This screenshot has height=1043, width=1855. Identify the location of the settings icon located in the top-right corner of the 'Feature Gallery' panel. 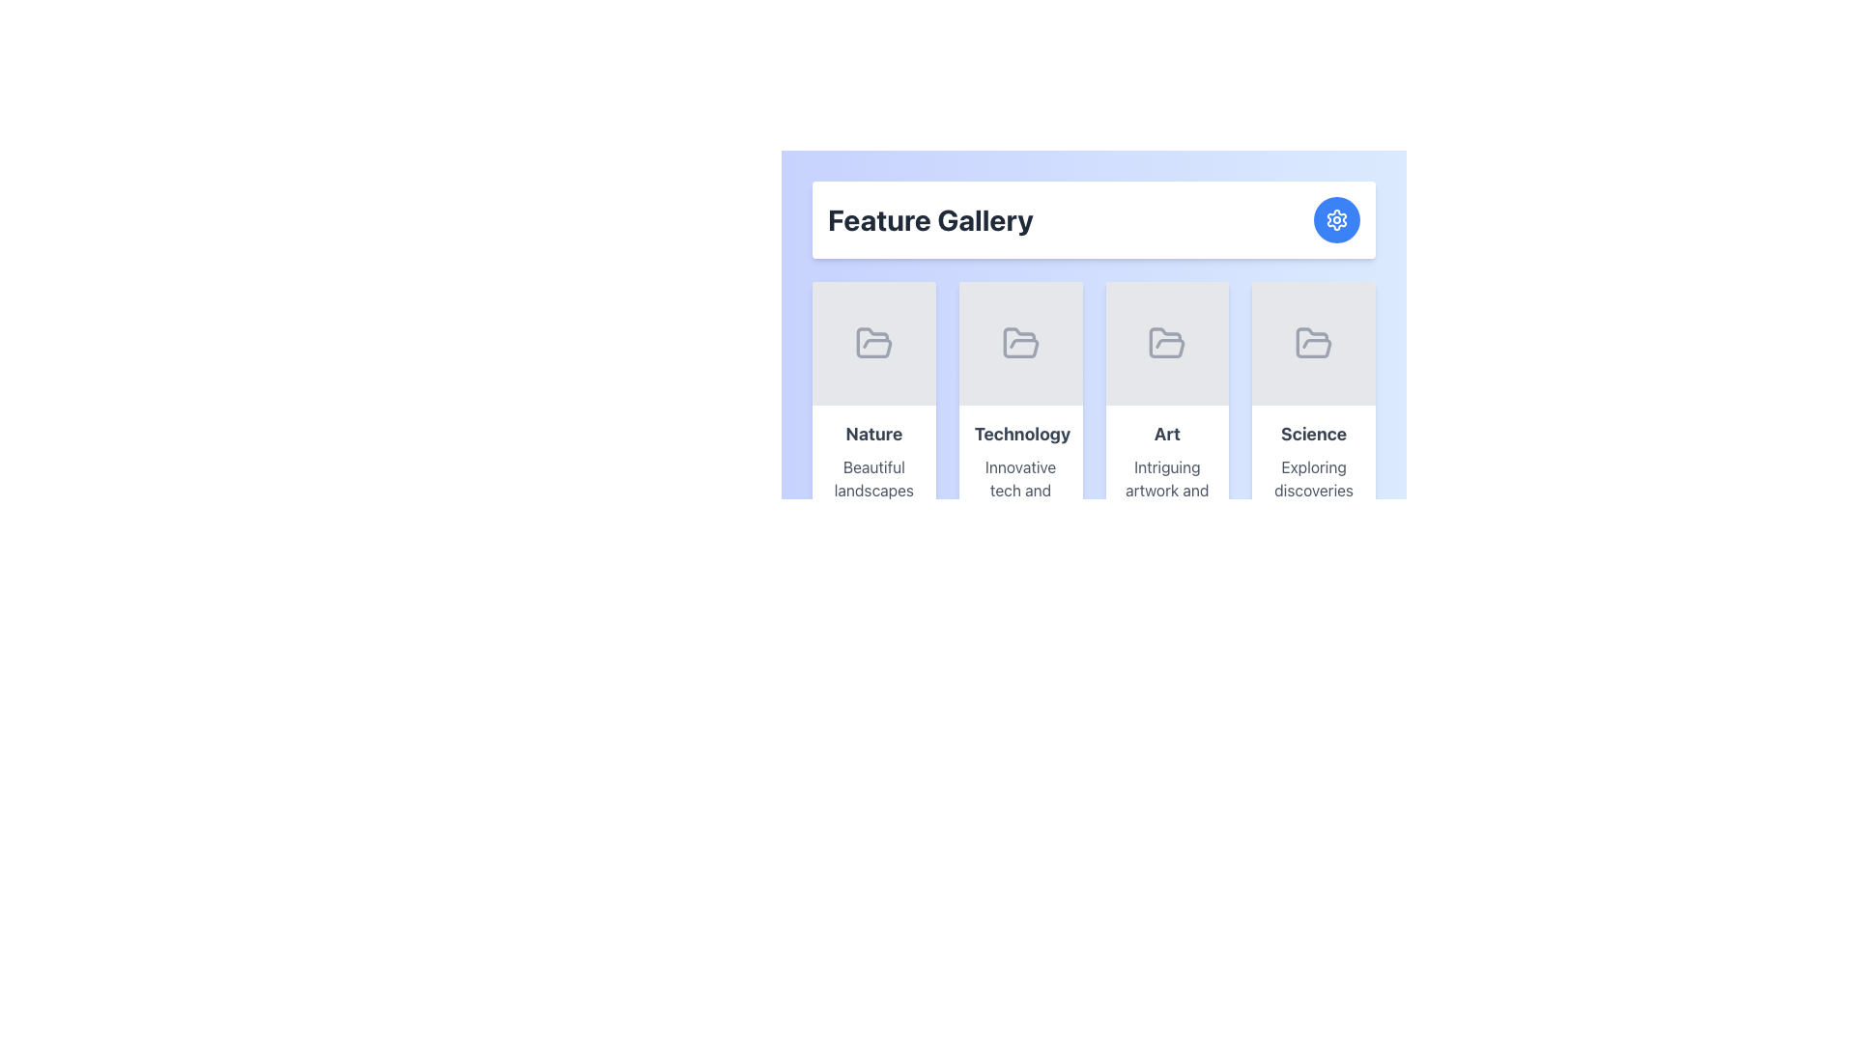
(1335, 218).